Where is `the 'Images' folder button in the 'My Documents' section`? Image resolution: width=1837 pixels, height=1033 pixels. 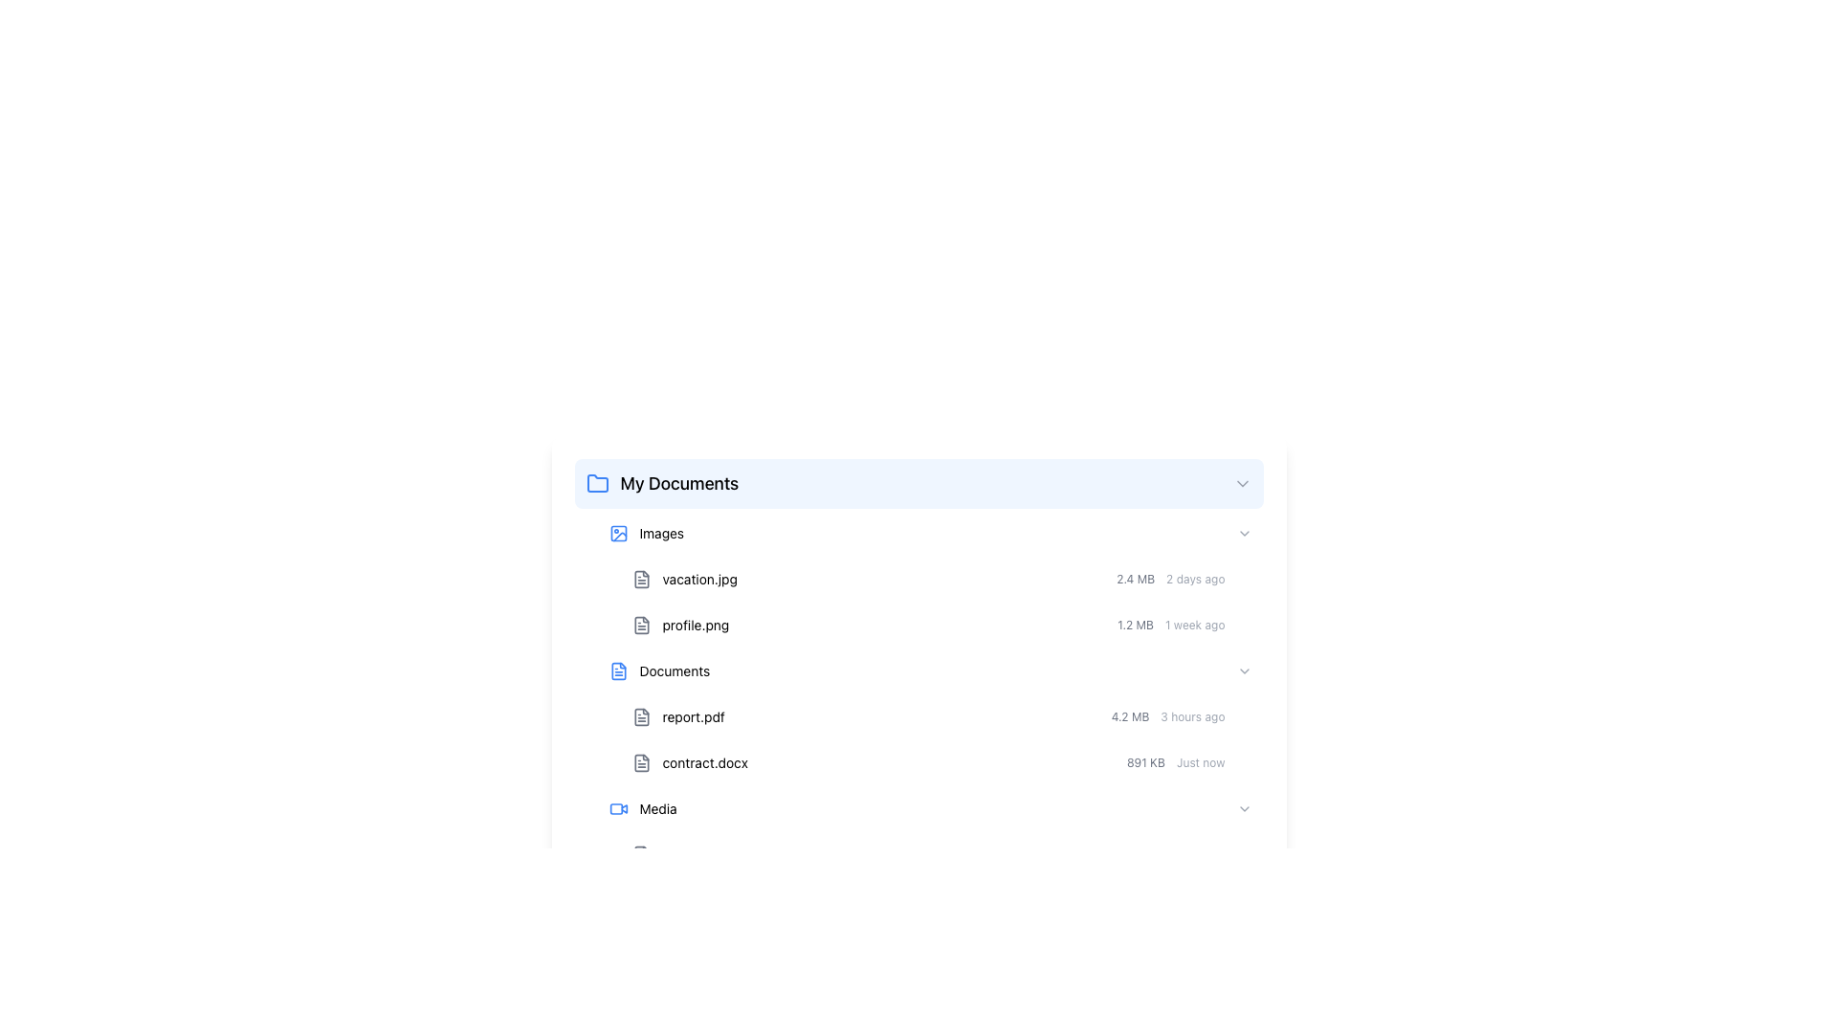
the 'Images' folder button in the 'My Documents' section is located at coordinates (930, 534).